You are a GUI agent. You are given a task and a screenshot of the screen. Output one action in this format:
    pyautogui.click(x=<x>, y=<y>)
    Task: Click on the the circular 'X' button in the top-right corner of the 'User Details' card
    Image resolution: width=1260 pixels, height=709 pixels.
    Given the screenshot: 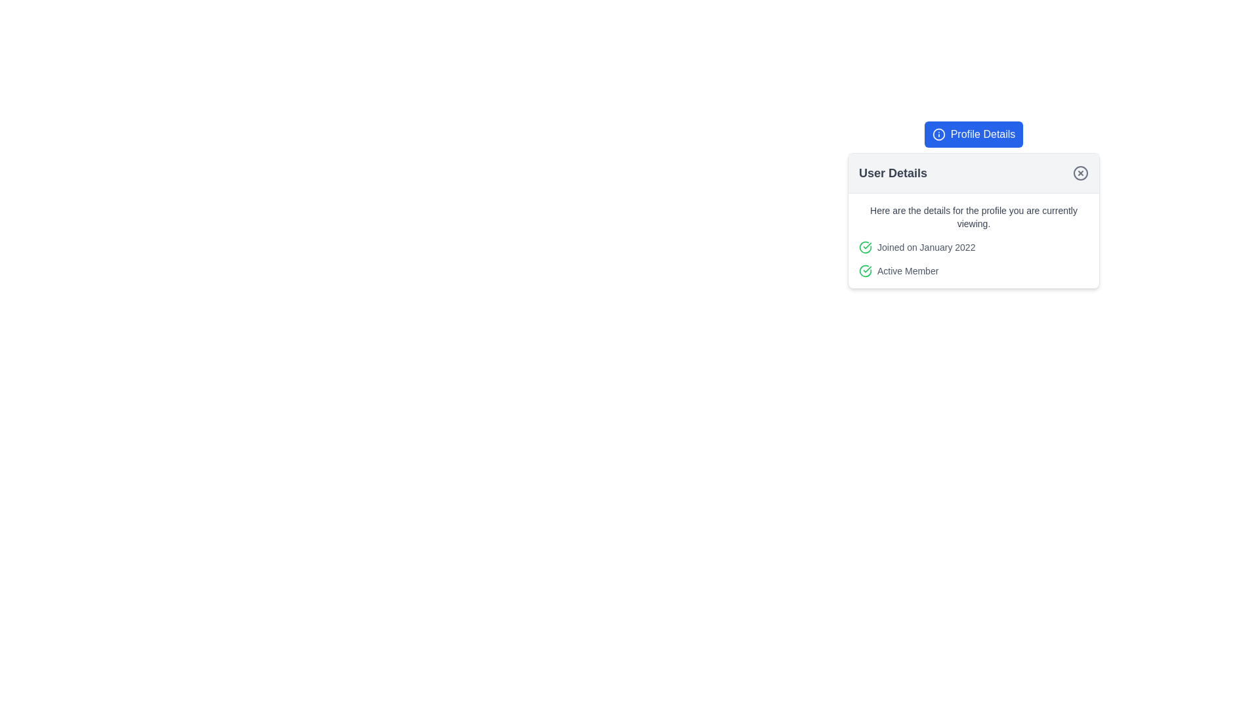 What is the action you would take?
    pyautogui.click(x=1080, y=172)
    